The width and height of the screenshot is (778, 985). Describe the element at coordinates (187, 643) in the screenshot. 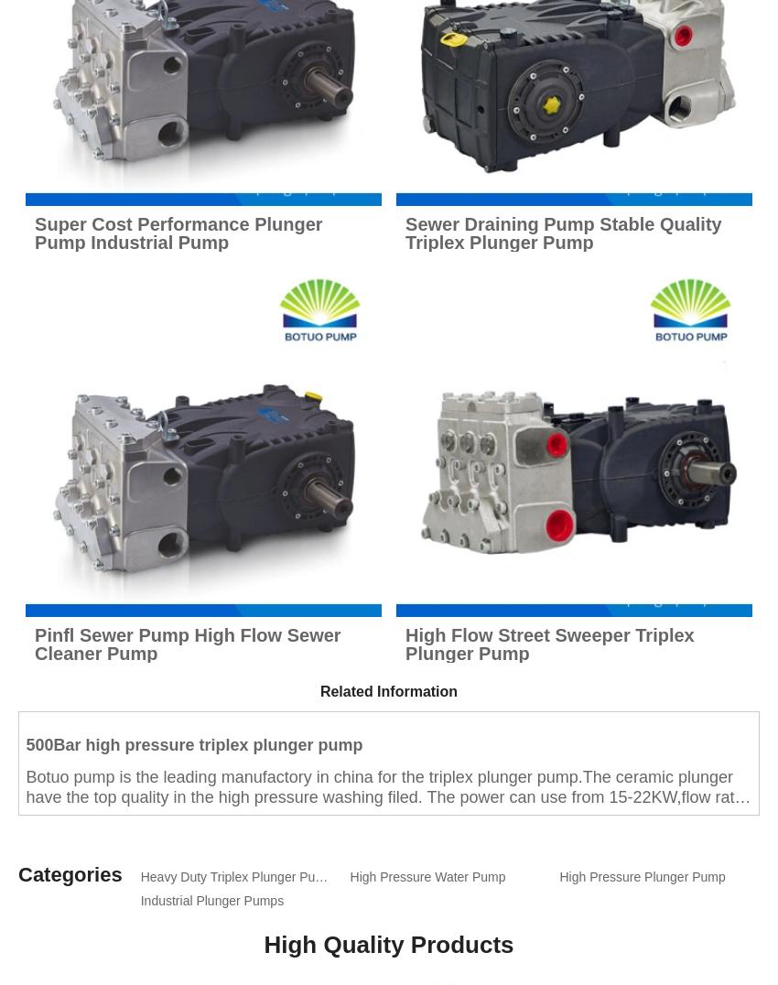

I see `'Pinfl Sewer Pump High Flow Sewer Cleaner Pump'` at that location.